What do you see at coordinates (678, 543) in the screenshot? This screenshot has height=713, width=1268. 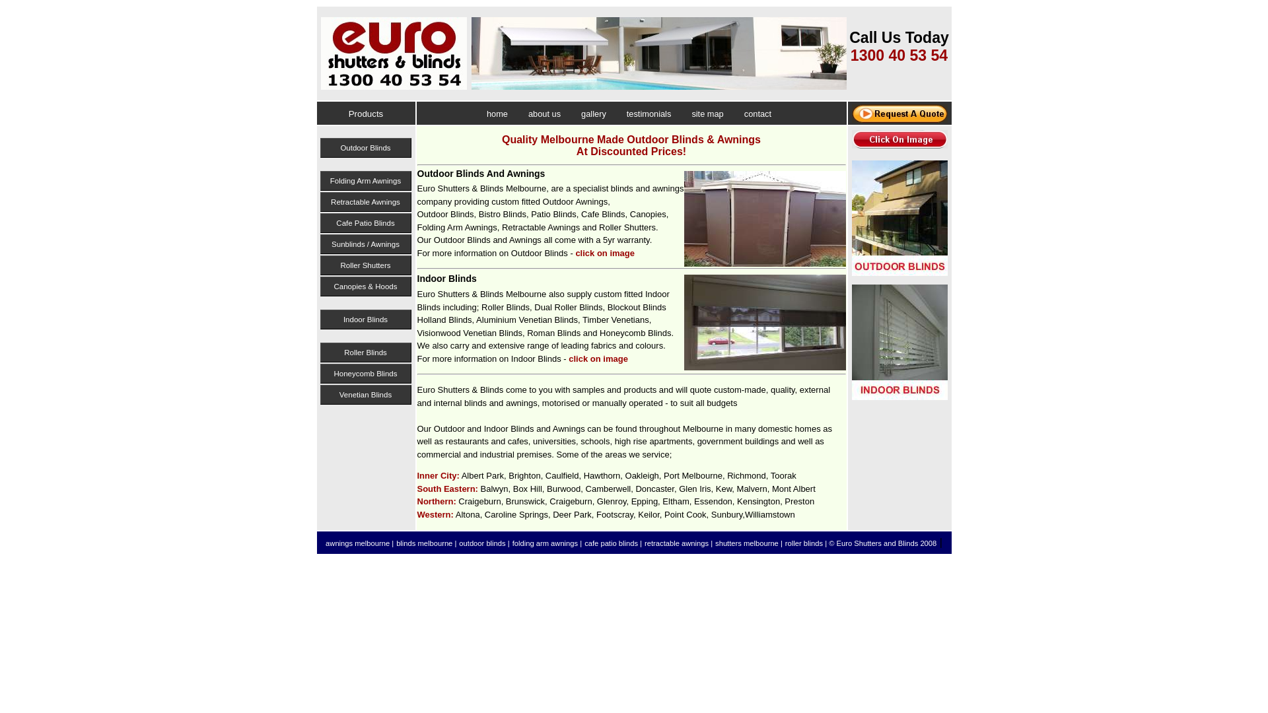 I see `'retractable awnings |'` at bounding box center [678, 543].